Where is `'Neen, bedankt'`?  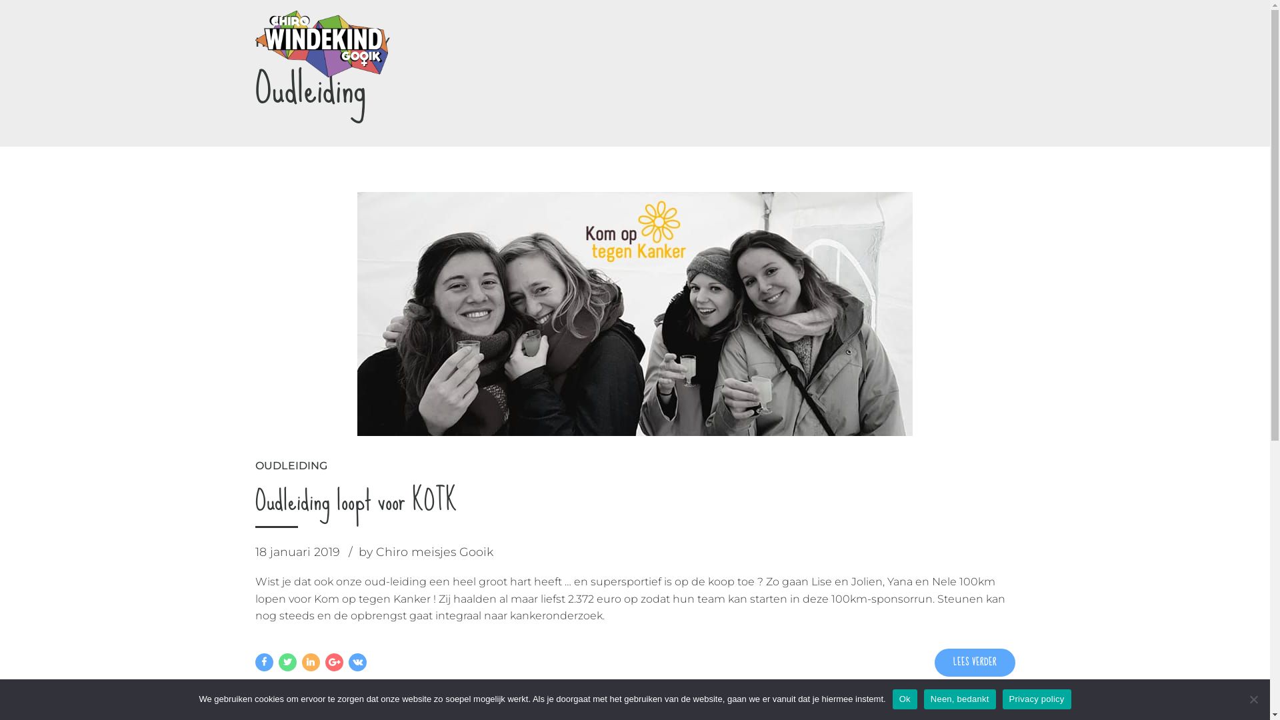
'Neen, bedankt' is located at coordinates (960, 699).